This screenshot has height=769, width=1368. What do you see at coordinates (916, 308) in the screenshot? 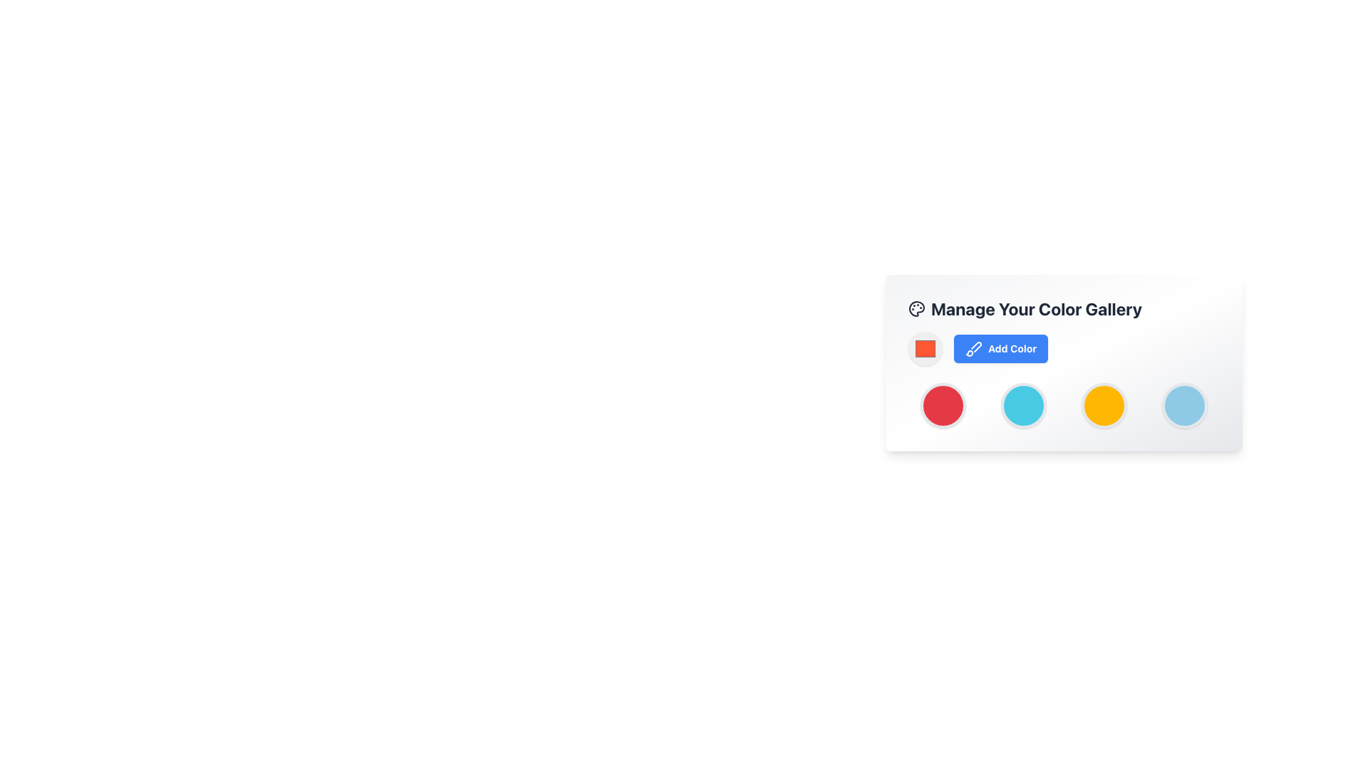
I see `the Decorative Icon resembling a palette, located to the left of the 'Manage Your Color Gallery' text in the header section` at bounding box center [916, 308].